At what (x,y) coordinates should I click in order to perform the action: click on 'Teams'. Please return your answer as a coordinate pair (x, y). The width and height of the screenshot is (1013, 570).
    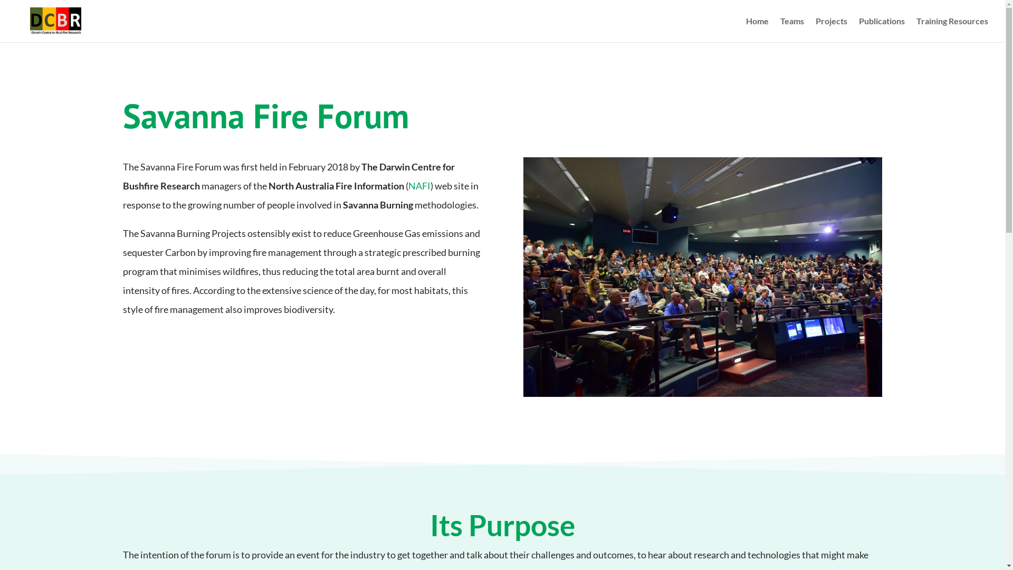
    Looking at the image, I should click on (792, 29).